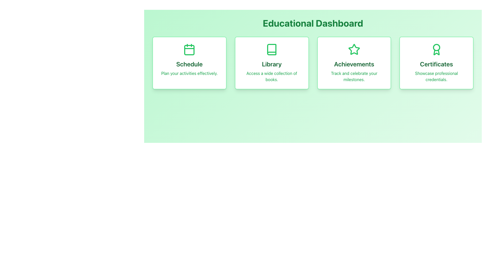  What do you see at coordinates (436, 76) in the screenshot?
I see `the descriptive text label within the 'Certificates' card, which is the fourth card in the row of styled cards` at bounding box center [436, 76].